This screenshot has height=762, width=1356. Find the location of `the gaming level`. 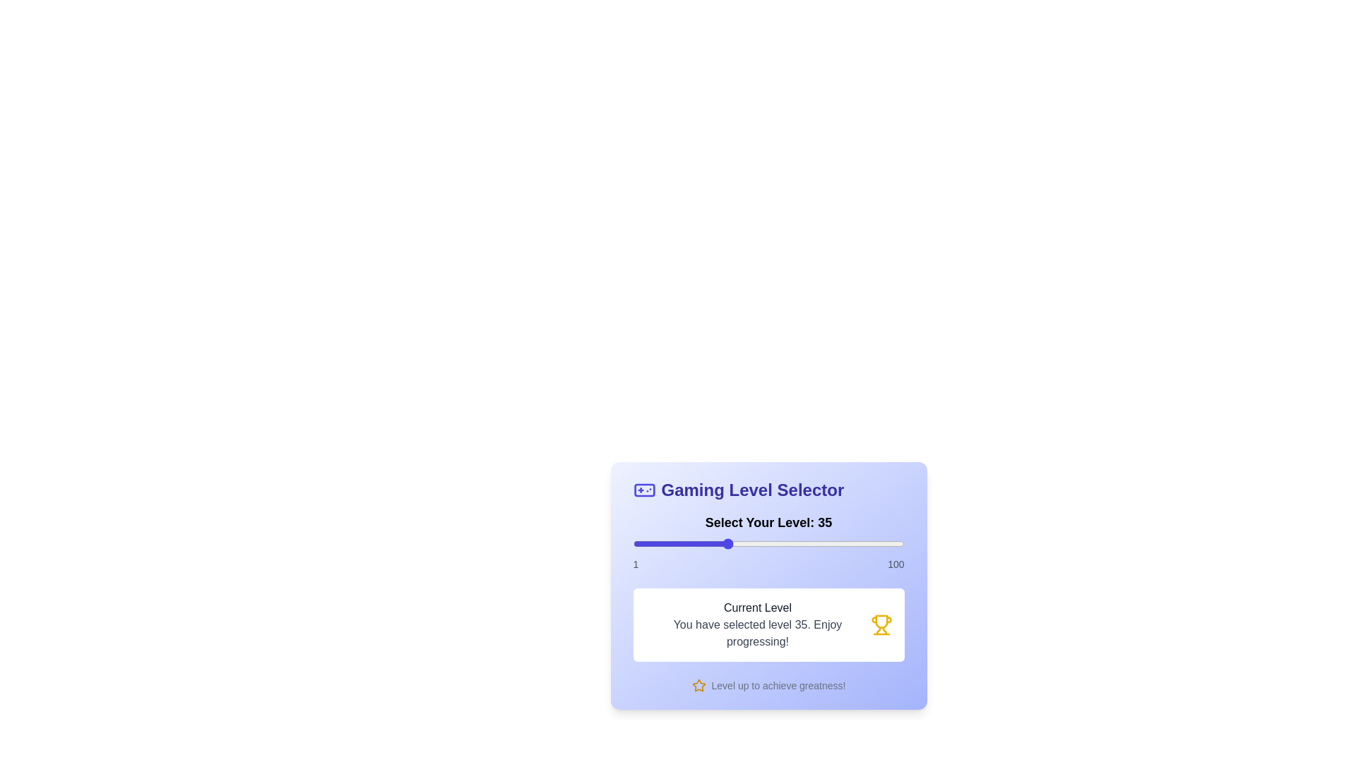

the gaming level is located at coordinates (847, 543).